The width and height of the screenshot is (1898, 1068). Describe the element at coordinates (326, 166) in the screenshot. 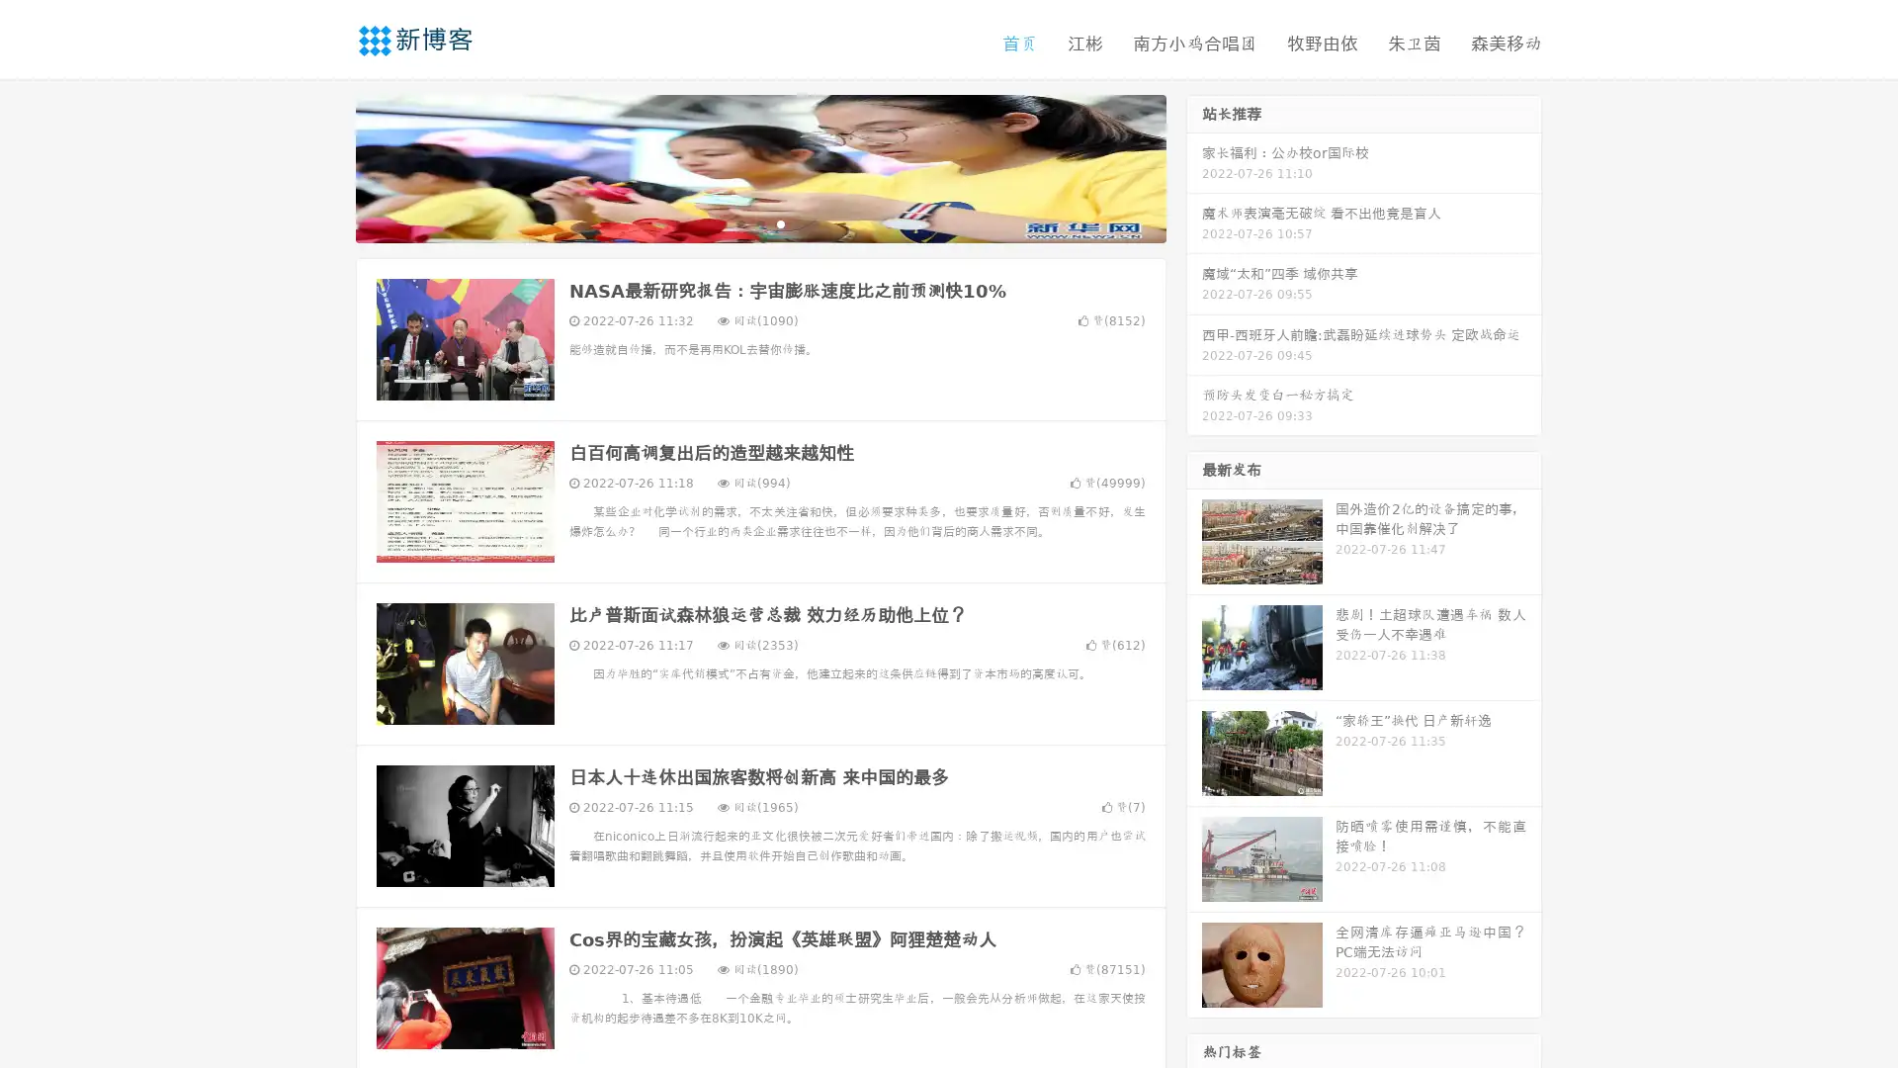

I see `Previous slide` at that location.